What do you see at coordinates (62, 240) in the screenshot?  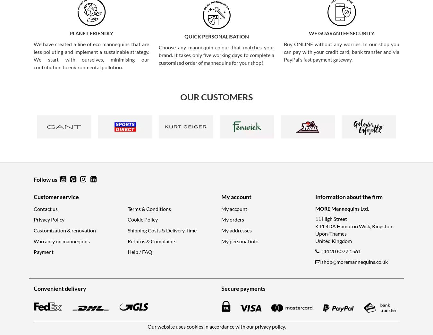 I see `'Warranty on mannequins'` at bounding box center [62, 240].